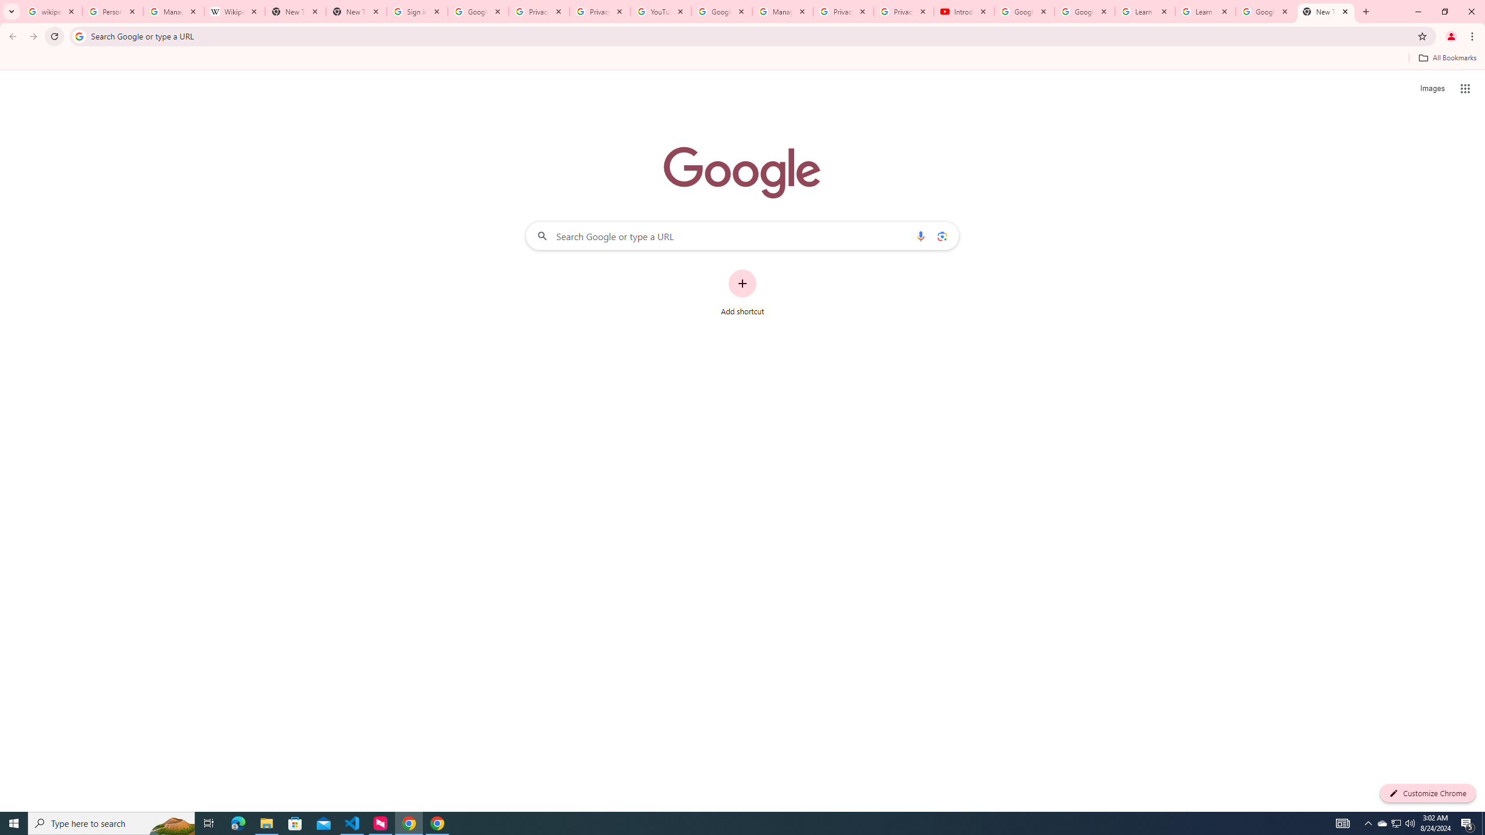 This screenshot has width=1485, height=835. What do you see at coordinates (941, 235) in the screenshot?
I see `'Search by image'` at bounding box center [941, 235].